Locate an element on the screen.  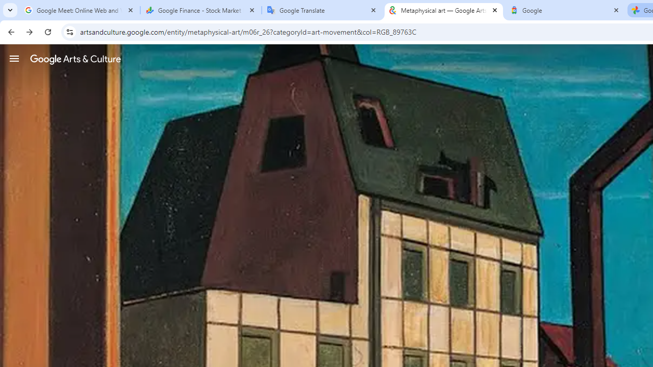
'Google' is located at coordinates (565, 10).